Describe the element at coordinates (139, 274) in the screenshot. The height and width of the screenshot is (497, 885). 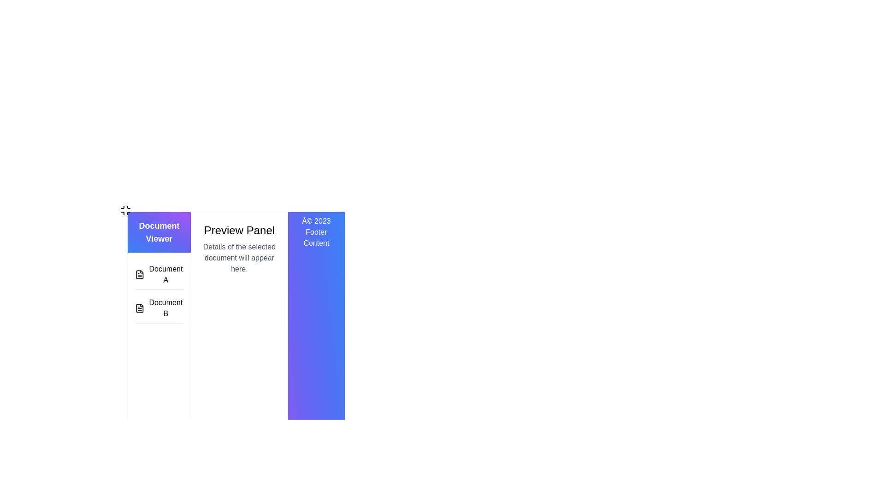
I see `the first icon representing 'Document A' in the 'Document Viewer' list, which is aligned to the left margin of the sidebar` at that location.